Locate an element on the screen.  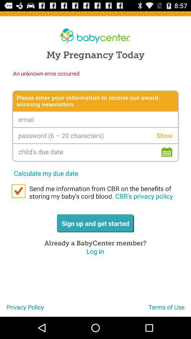
the item above already a babycenter is located at coordinates (95, 223).